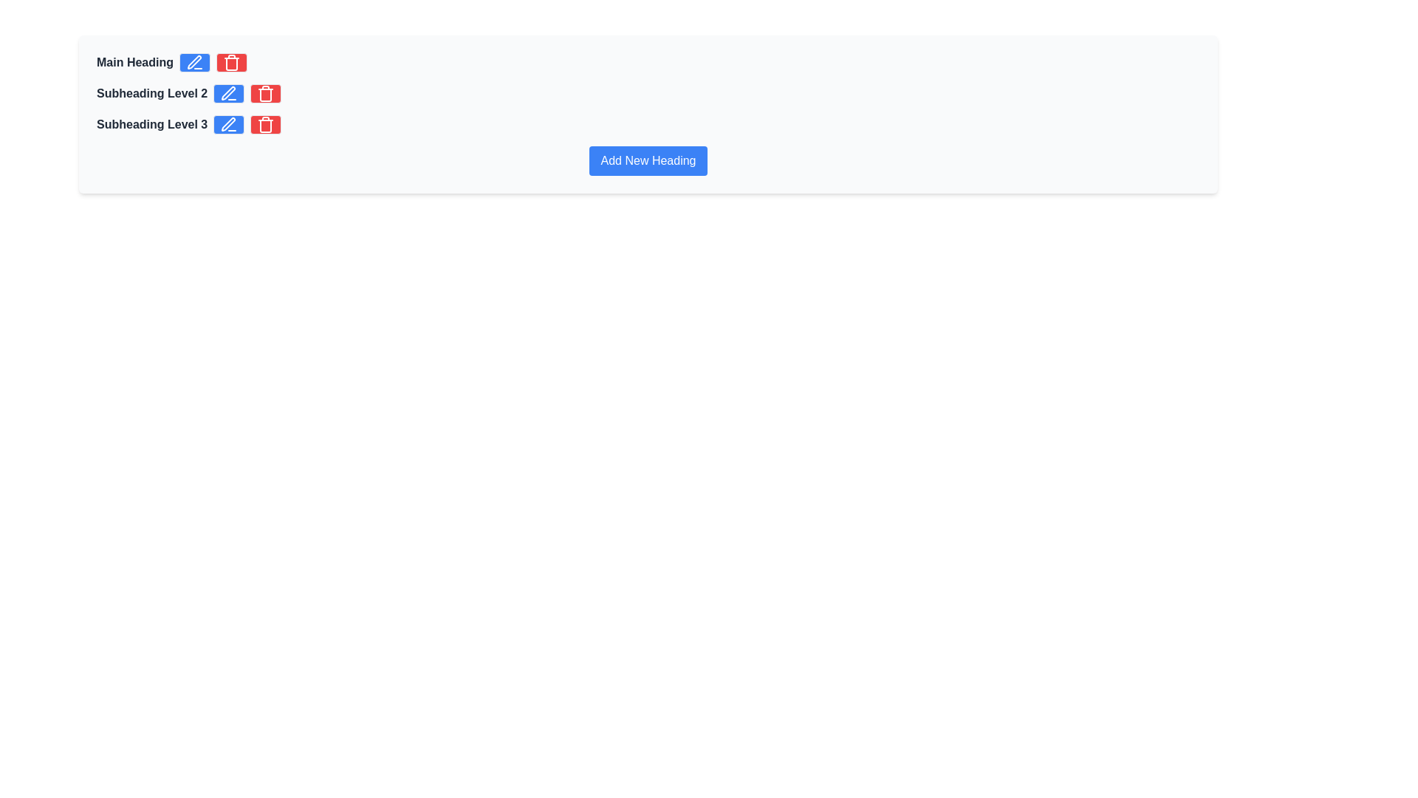  What do you see at coordinates (193, 61) in the screenshot?
I see `the editing tool icon` at bounding box center [193, 61].